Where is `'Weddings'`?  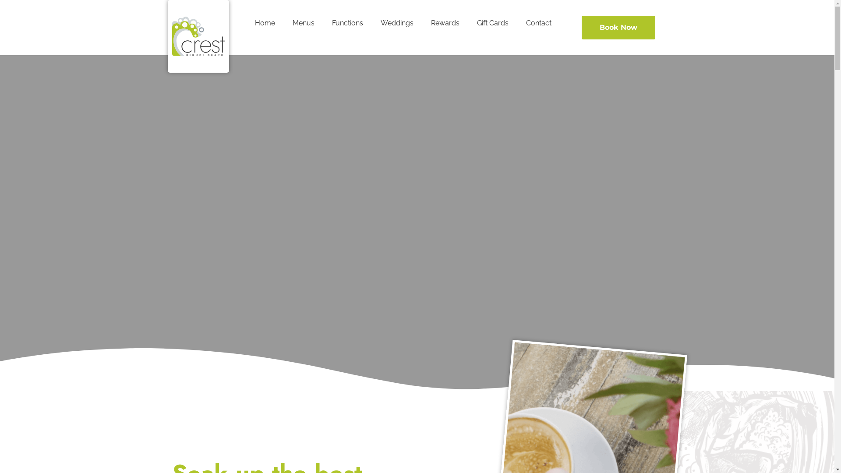
'Weddings' is located at coordinates (372, 23).